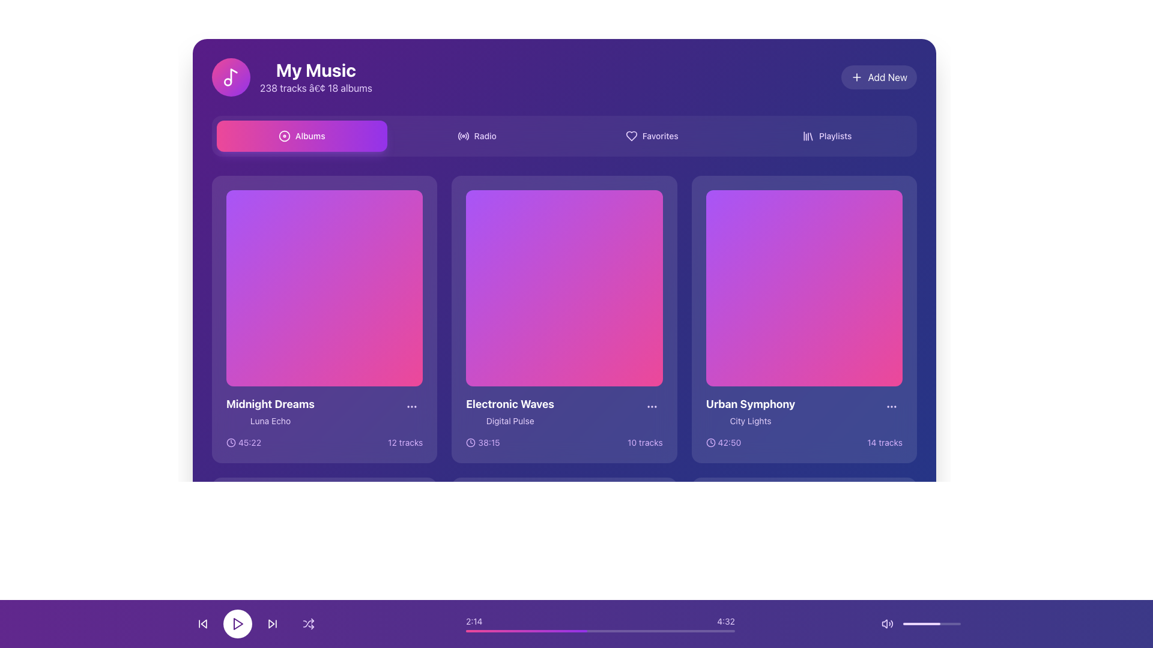 The image size is (1153, 648). Describe the element at coordinates (644, 443) in the screenshot. I see `the static text label displaying '10 tracks' located at the bottom right corner of the card layout for the album 'Electronic Waves'` at that location.